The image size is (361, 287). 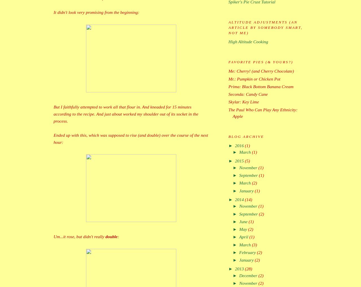 I want to click on 'Seconda: Candy Cane', so click(x=248, y=94).